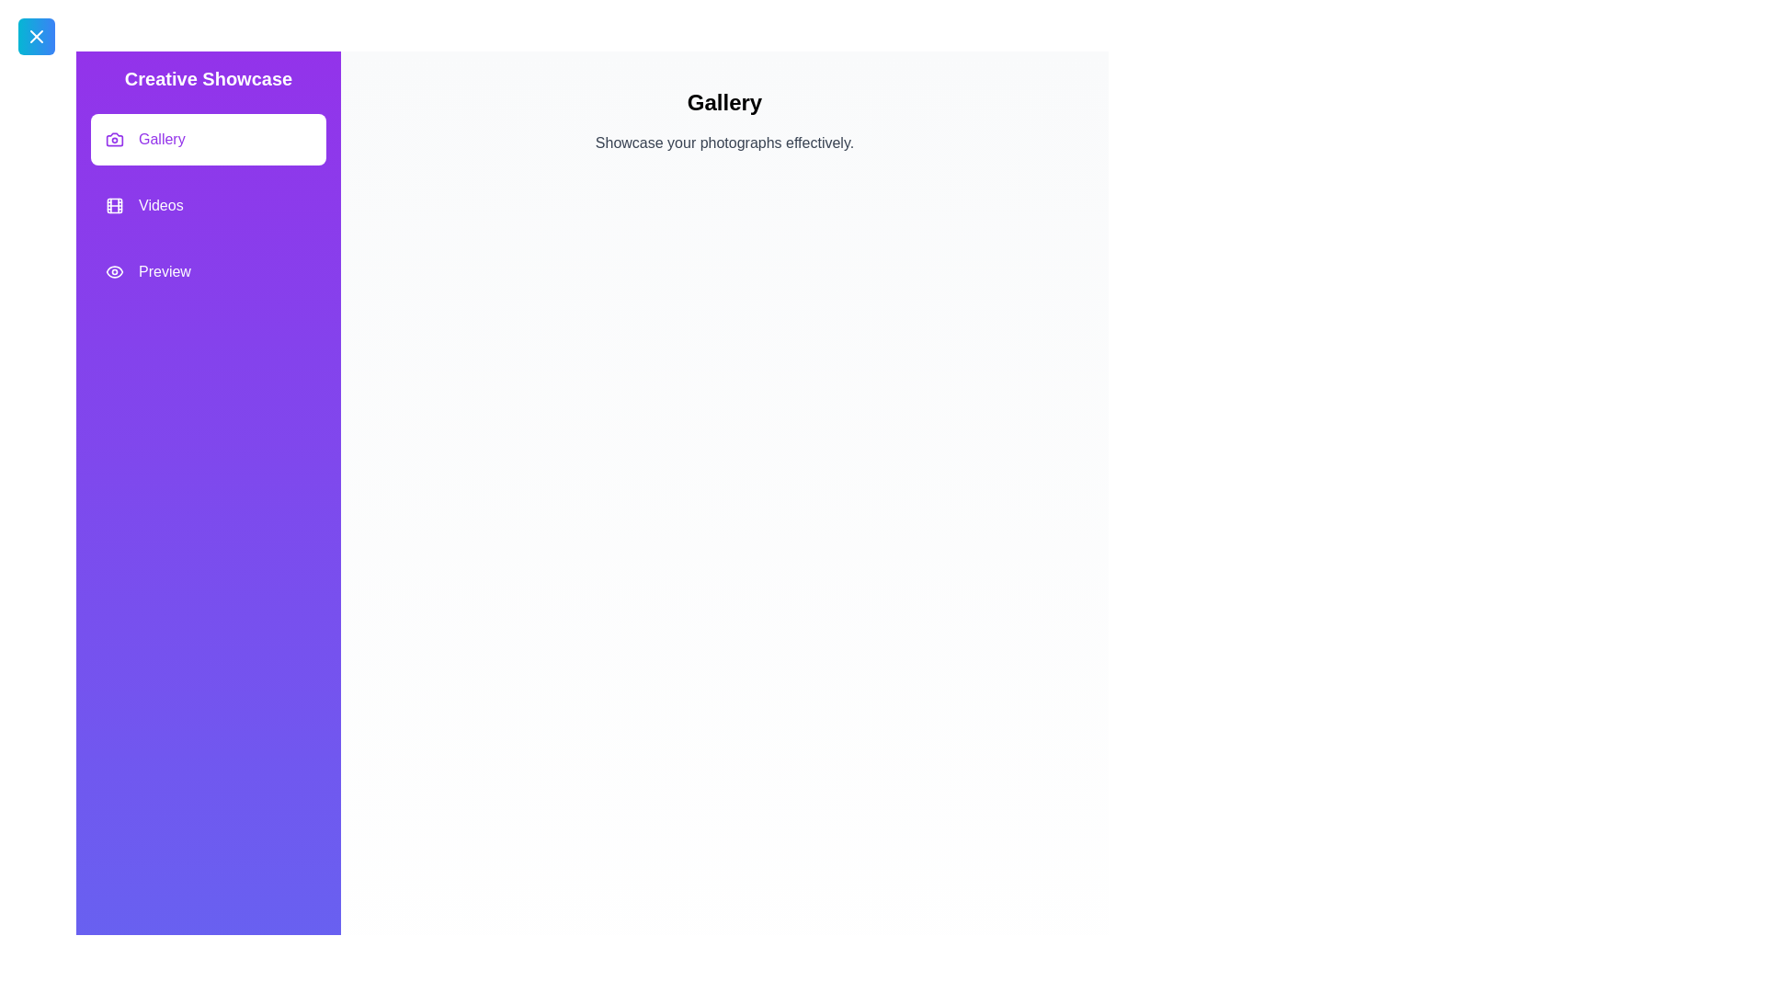 This screenshot has width=1765, height=993. I want to click on the feature Preview by clicking its icon, so click(113, 272).